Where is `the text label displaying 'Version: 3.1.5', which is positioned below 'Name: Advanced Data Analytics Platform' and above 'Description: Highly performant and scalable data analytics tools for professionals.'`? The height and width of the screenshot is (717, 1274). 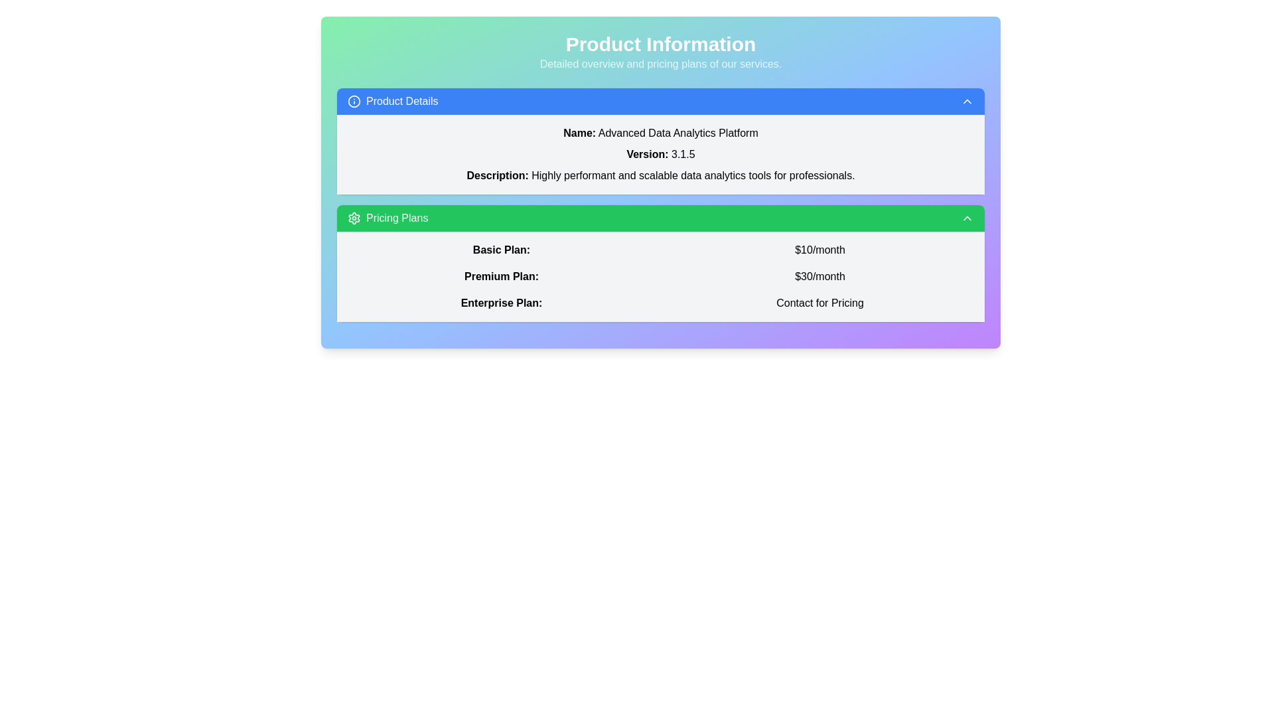
the text label displaying 'Version: 3.1.5', which is positioned below 'Name: Advanced Data Analytics Platform' and above 'Description: Highly performant and scalable data analytics tools for professionals.' is located at coordinates (661, 153).